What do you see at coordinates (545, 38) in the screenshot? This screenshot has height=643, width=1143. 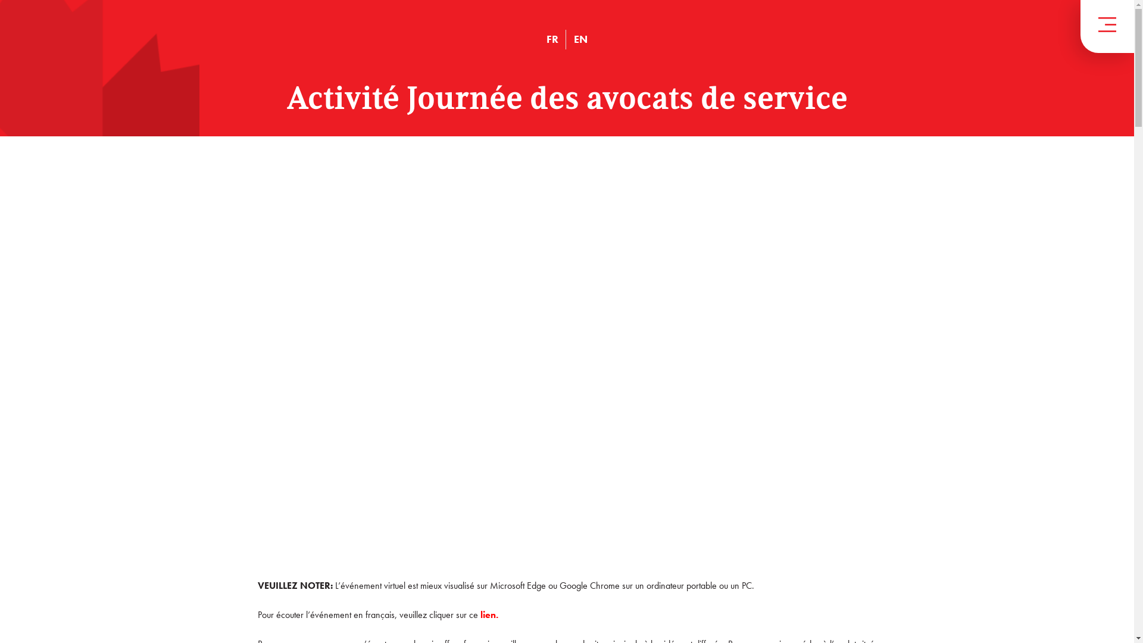 I see `'FR'` at bounding box center [545, 38].